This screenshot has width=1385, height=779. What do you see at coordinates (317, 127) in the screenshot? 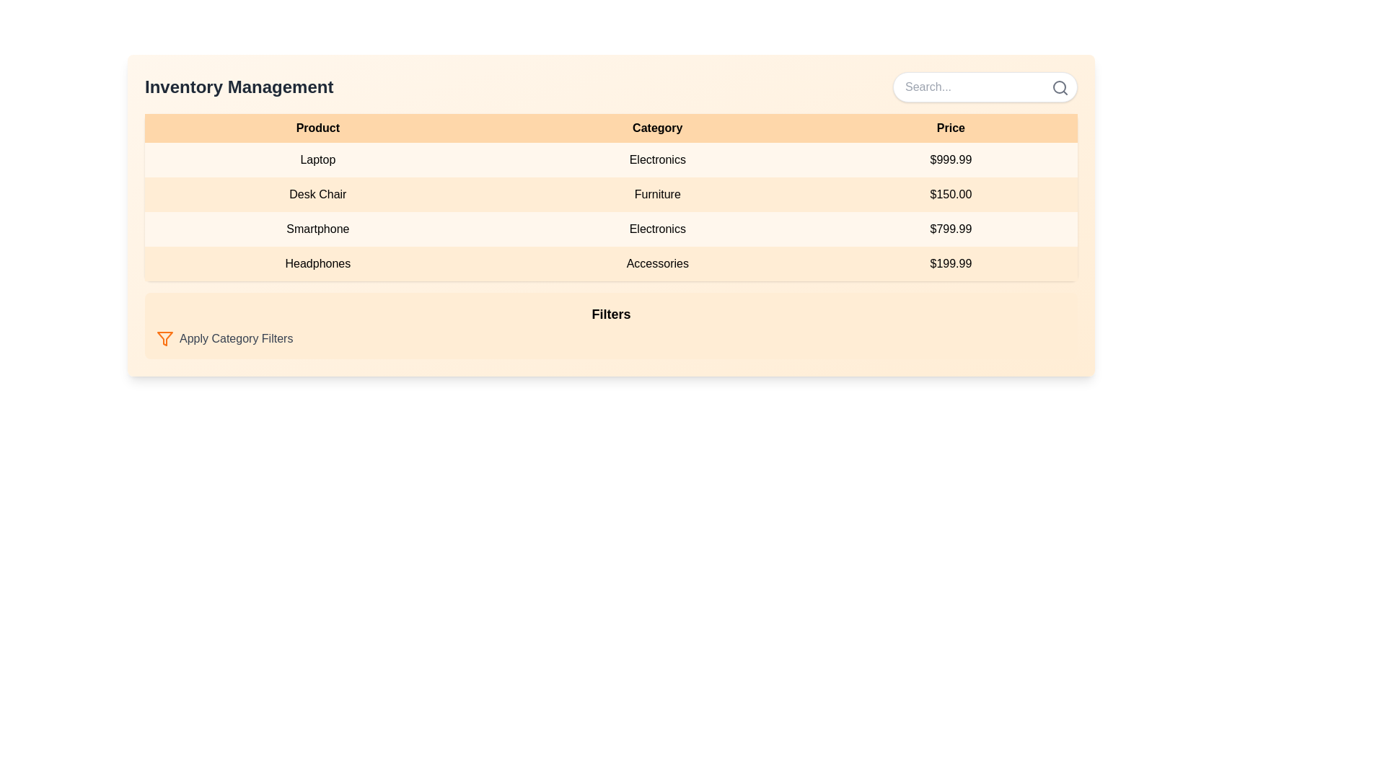
I see `text of the 'Product' header label, which is the first header in the table aligned to the left` at bounding box center [317, 127].